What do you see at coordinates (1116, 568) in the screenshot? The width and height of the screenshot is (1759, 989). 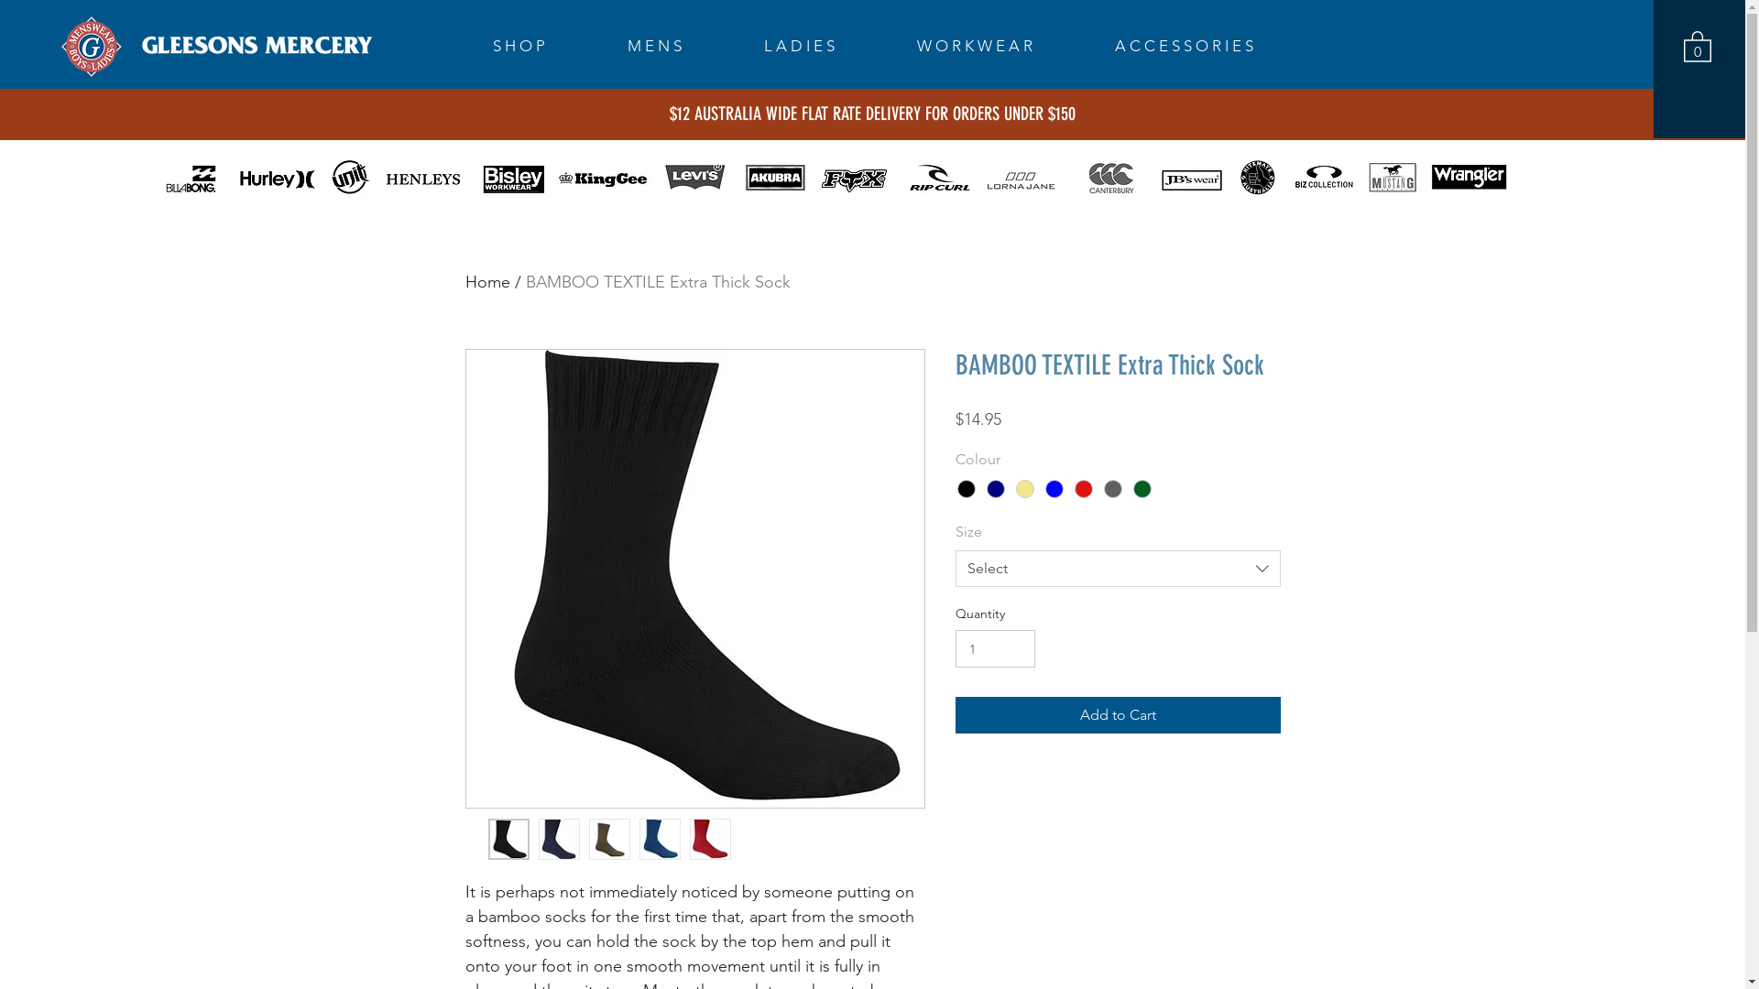 I see `'Select'` at bounding box center [1116, 568].